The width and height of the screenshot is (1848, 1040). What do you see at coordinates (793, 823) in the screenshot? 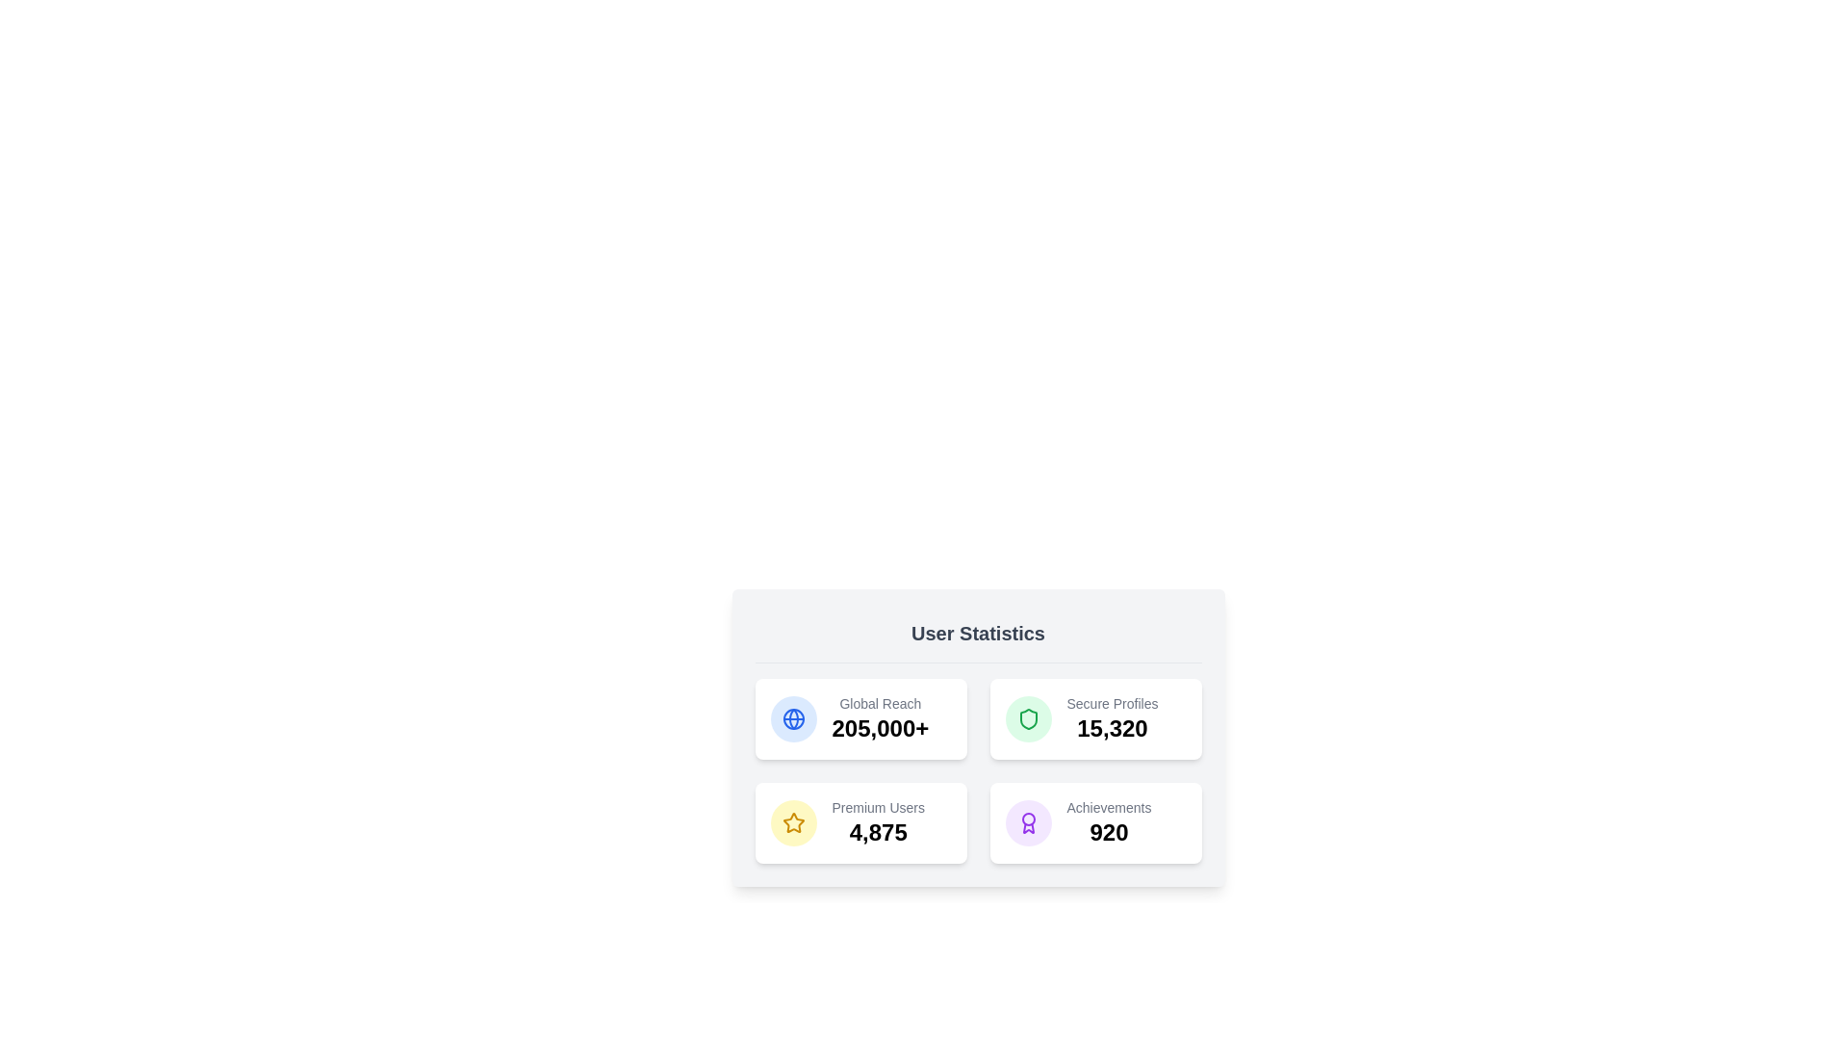
I see `the star-shaped icon with a yellow outline located in the 'Premium Users' section of the 'User Statistics' card` at bounding box center [793, 823].